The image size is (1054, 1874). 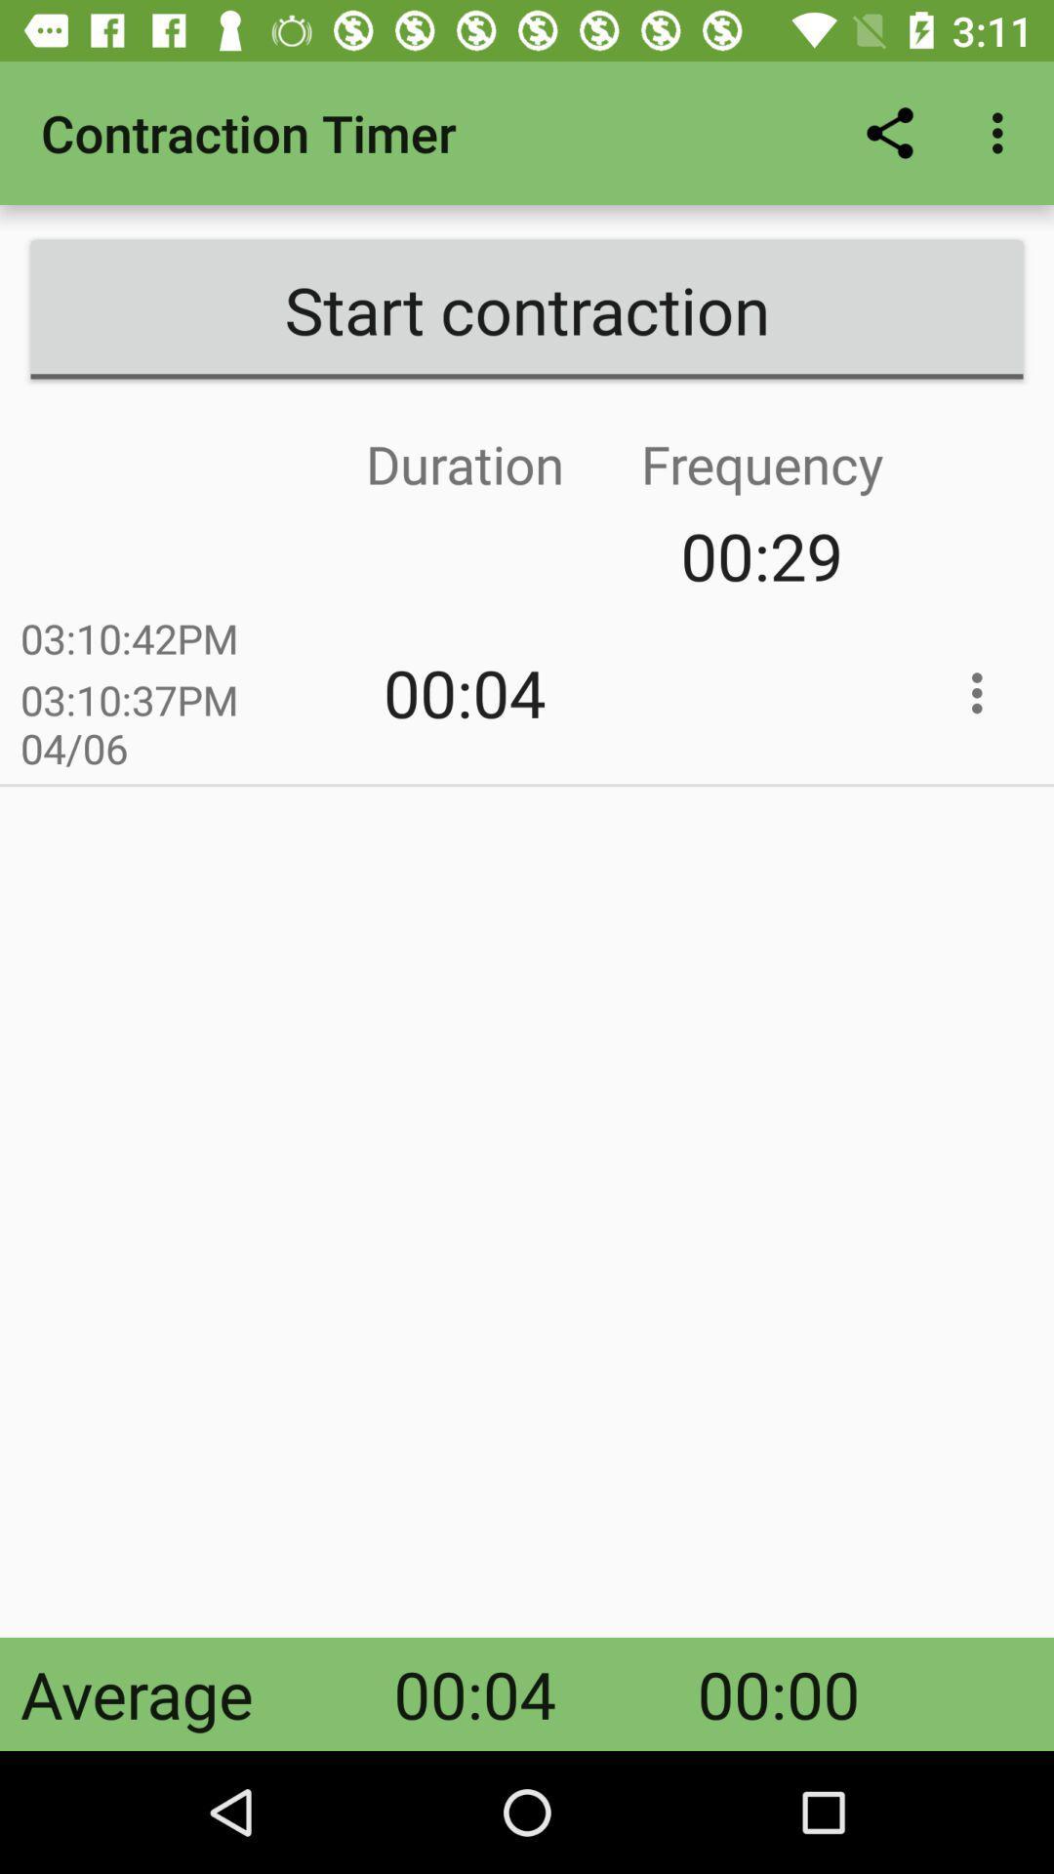 What do you see at coordinates (315, 554) in the screenshot?
I see `icon next to the frequency` at bounding box center [315, 554].